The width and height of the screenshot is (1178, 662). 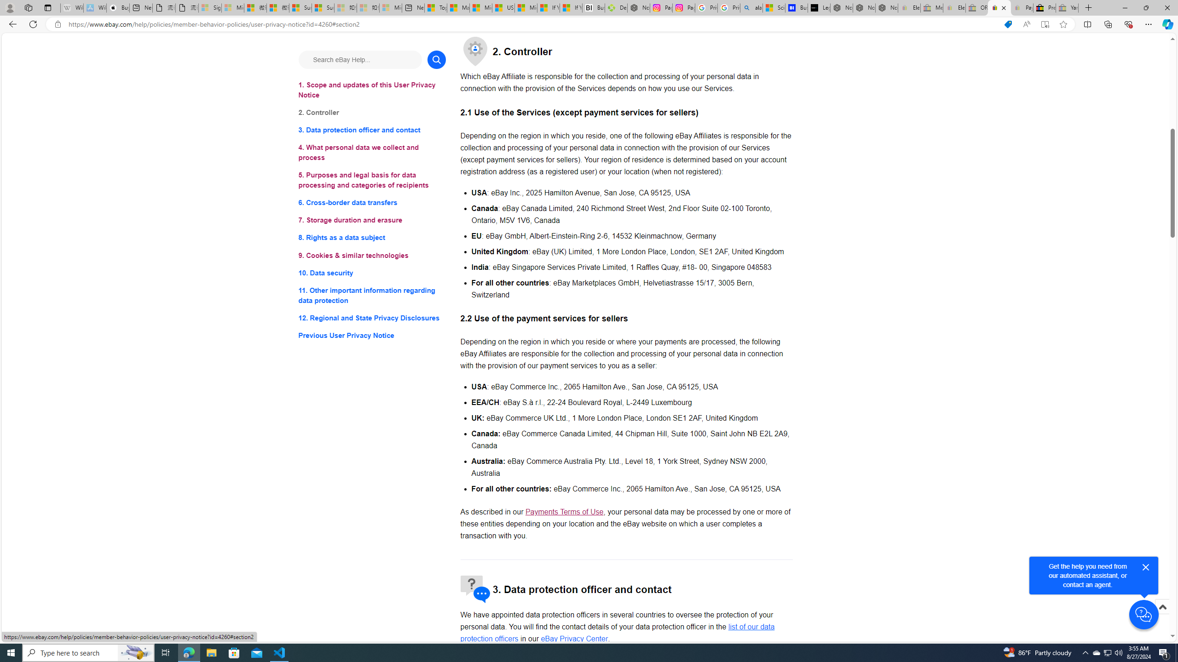 What do you see at coordinates (564, 511) in the screenshot?
I see `'Payments Terms of Use - opens in new window or tab'` at bounding box center [564, 511].